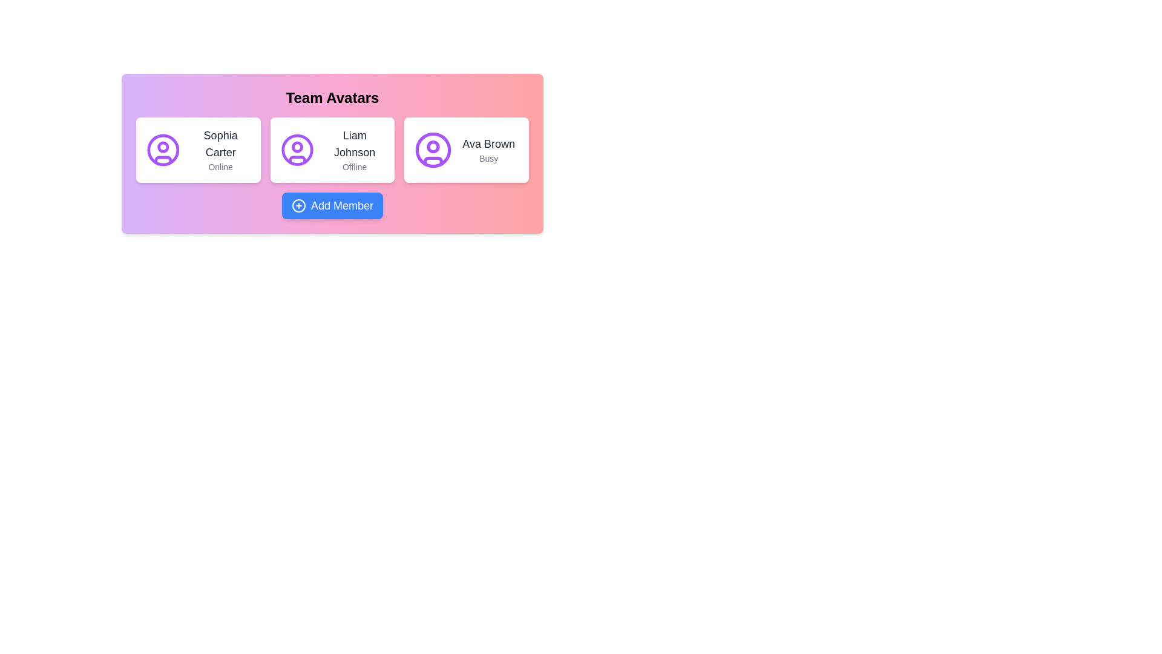 The height and width of the screenshot is (654, 1162). Describe the element at coordinates (299, 205) in the screenshot. I see `the circular icon with a plus symbol inside, which represents adding new items or members, located to the left of the 'Add Member' button at the bottom center of the interface` at that location.